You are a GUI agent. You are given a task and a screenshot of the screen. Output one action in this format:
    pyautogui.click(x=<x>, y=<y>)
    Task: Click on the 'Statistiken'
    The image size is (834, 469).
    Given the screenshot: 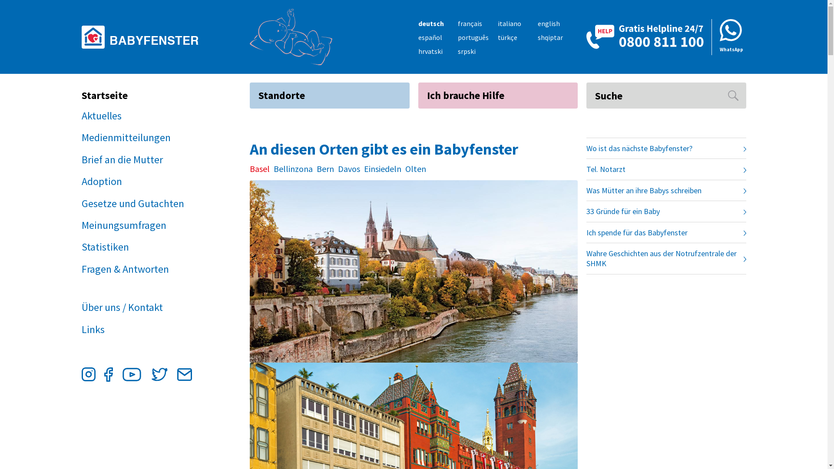 What is the action you would take?
    pyautogui.click(x=146, y=247)
    